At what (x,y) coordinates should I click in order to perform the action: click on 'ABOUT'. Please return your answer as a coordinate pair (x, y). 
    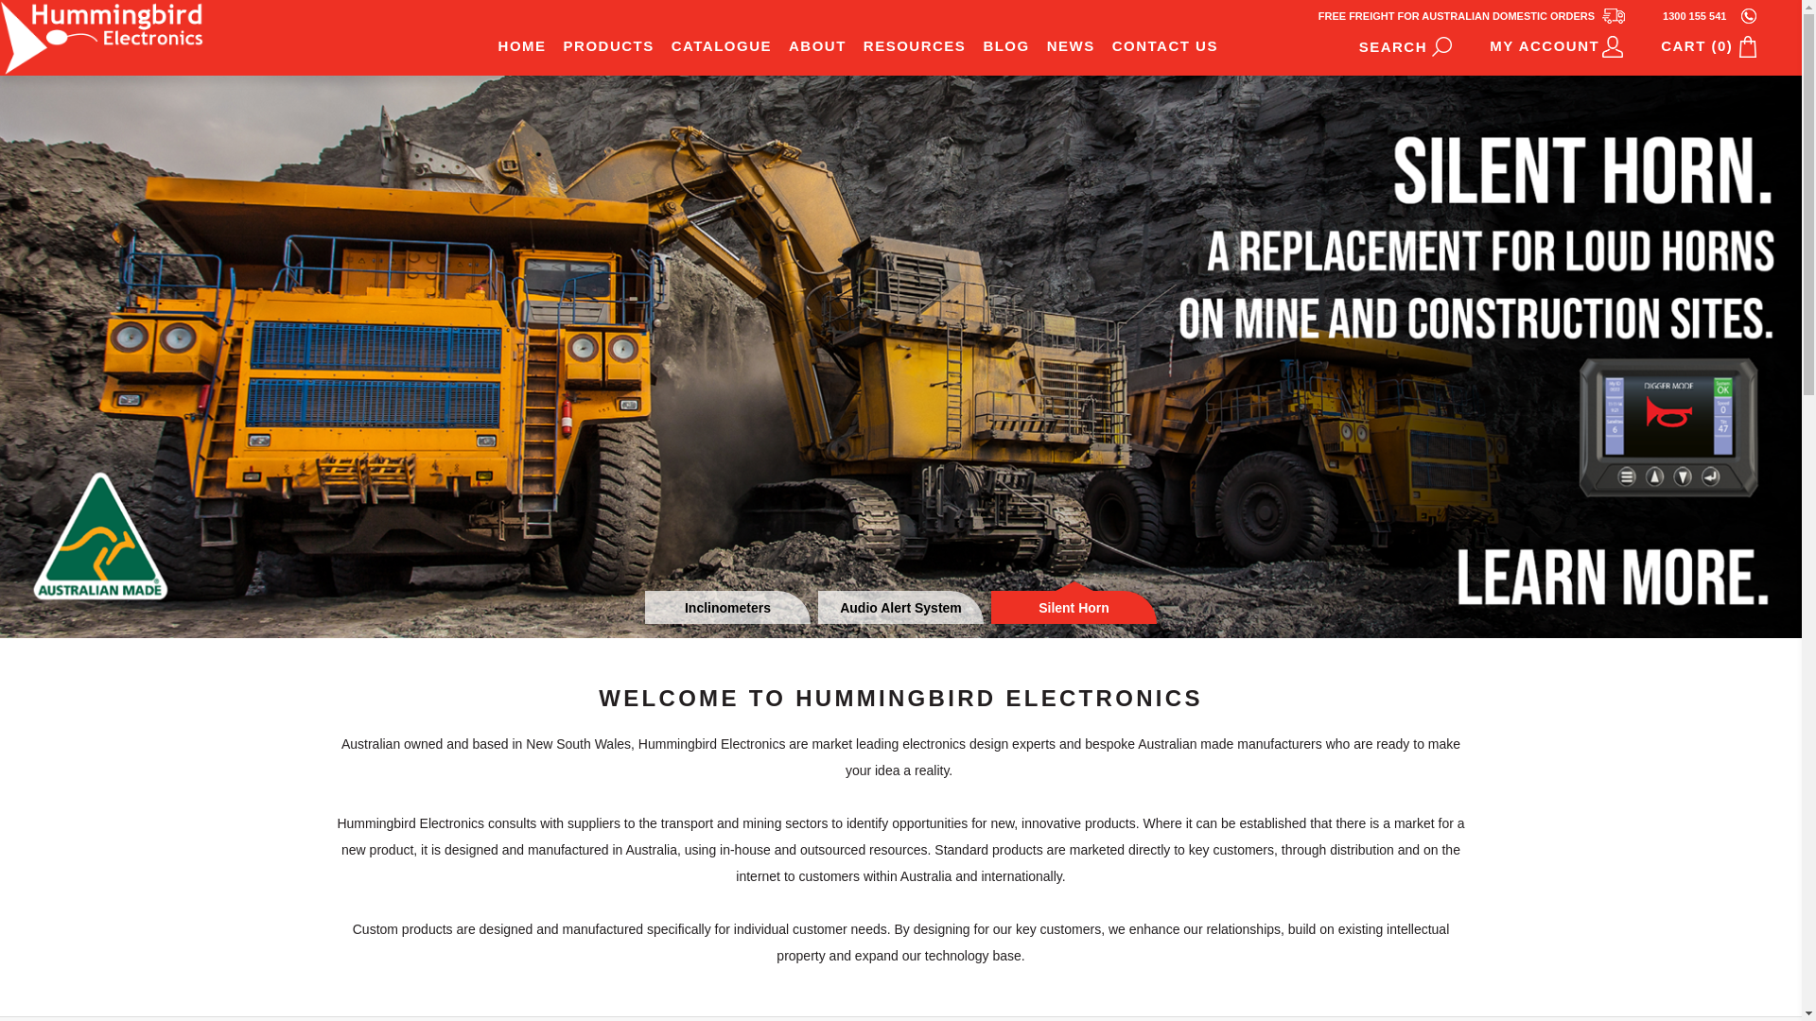
    Looking at the image, I should click on (780, 43).